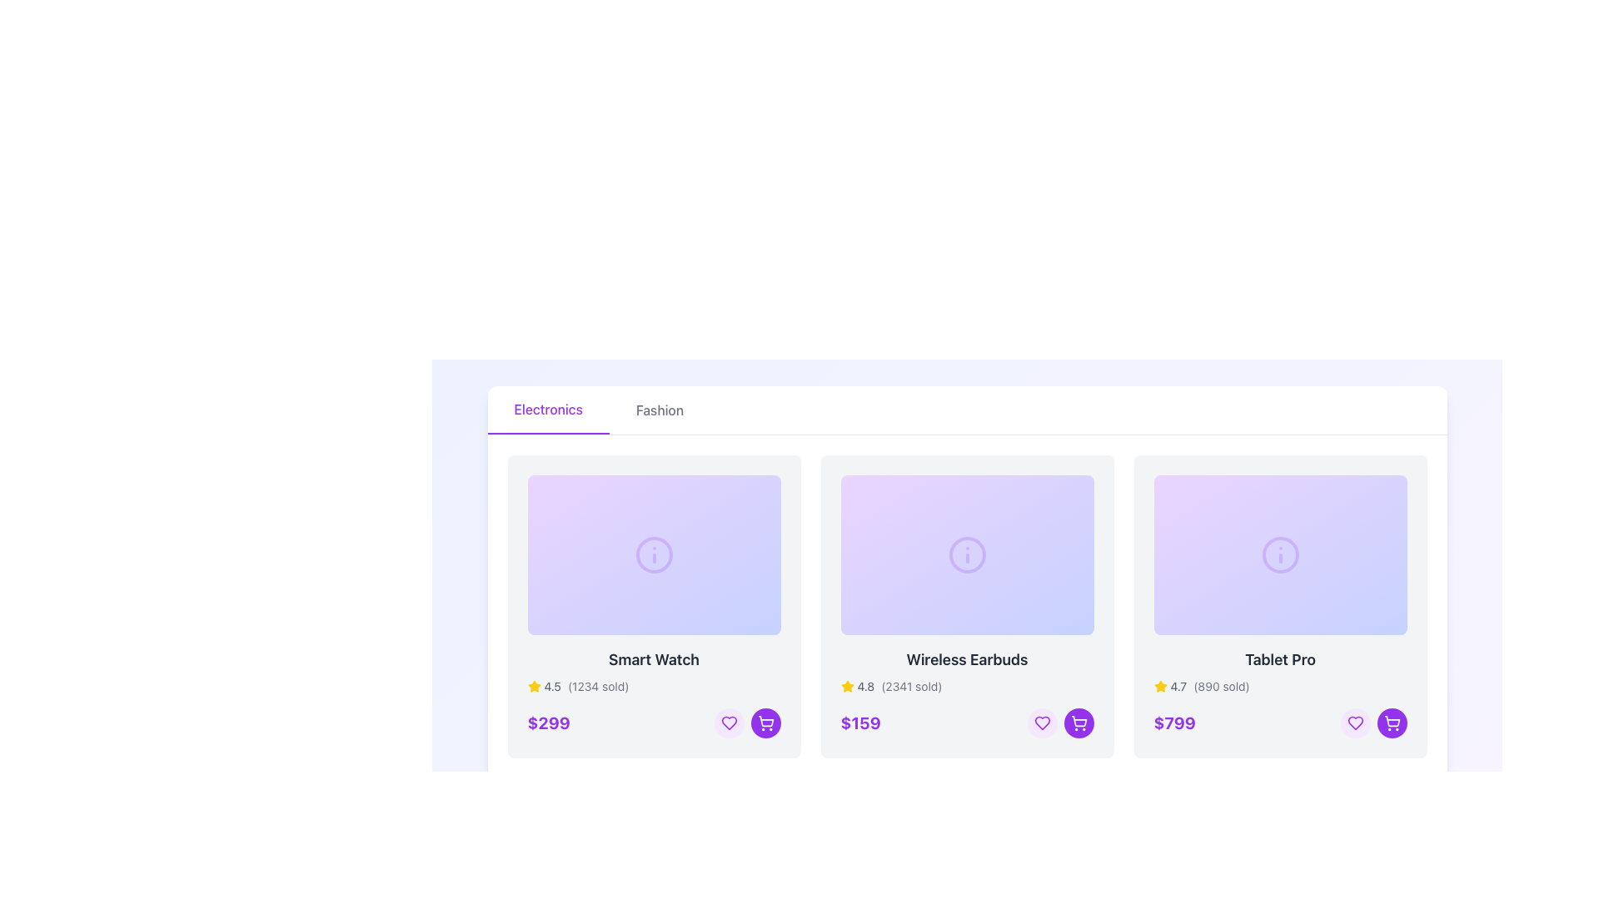  What do you see at coordinates (1392, 722) in the screenshot?
I see `the 'Add to Cart' button, which is the third interactive icon at the bottom-right corner of the 'Tablet Pro' item card` at bounding box center [1392, 722].